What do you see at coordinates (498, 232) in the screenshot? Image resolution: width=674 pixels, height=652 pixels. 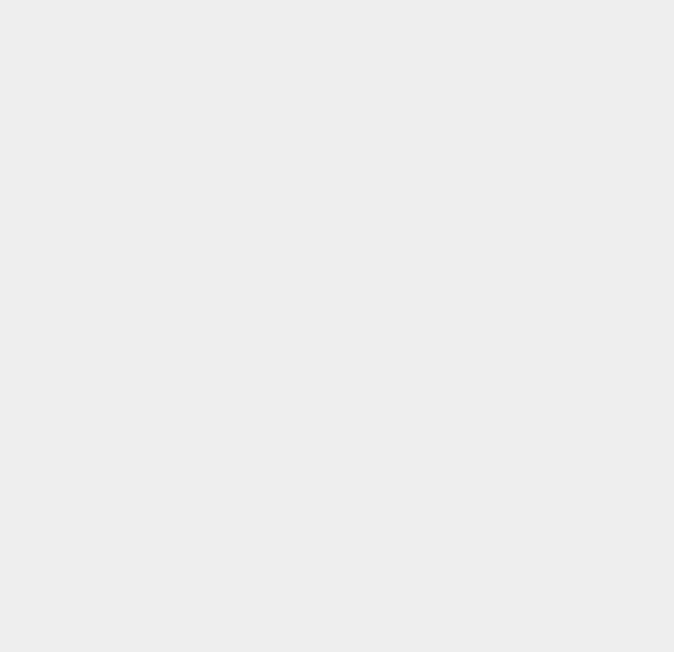 I see `'iPad Mini 2'` at bounding box center [498, 232].